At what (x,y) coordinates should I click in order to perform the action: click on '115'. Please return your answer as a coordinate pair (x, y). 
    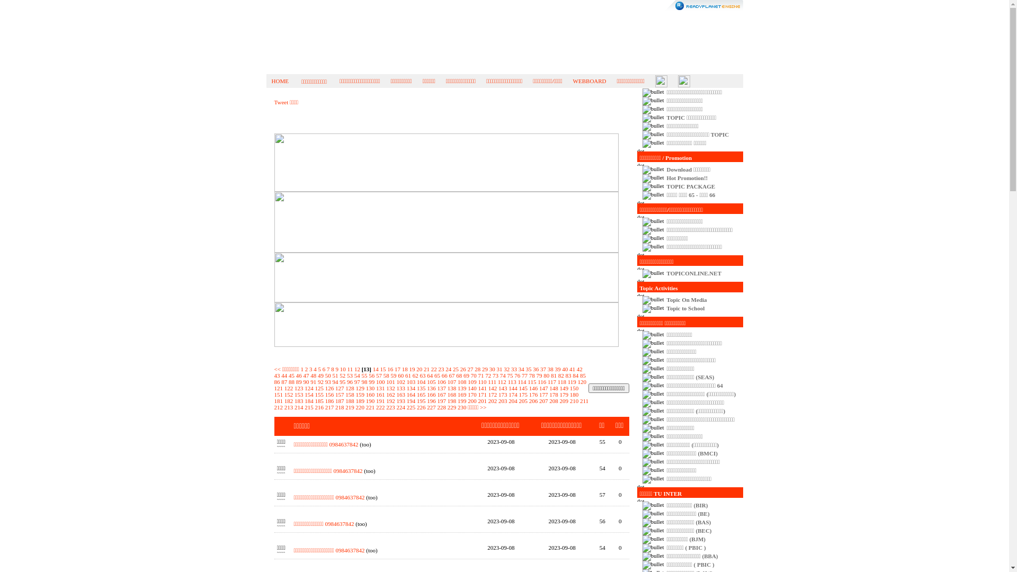
    Looking at the image, I should click on (531, 382).